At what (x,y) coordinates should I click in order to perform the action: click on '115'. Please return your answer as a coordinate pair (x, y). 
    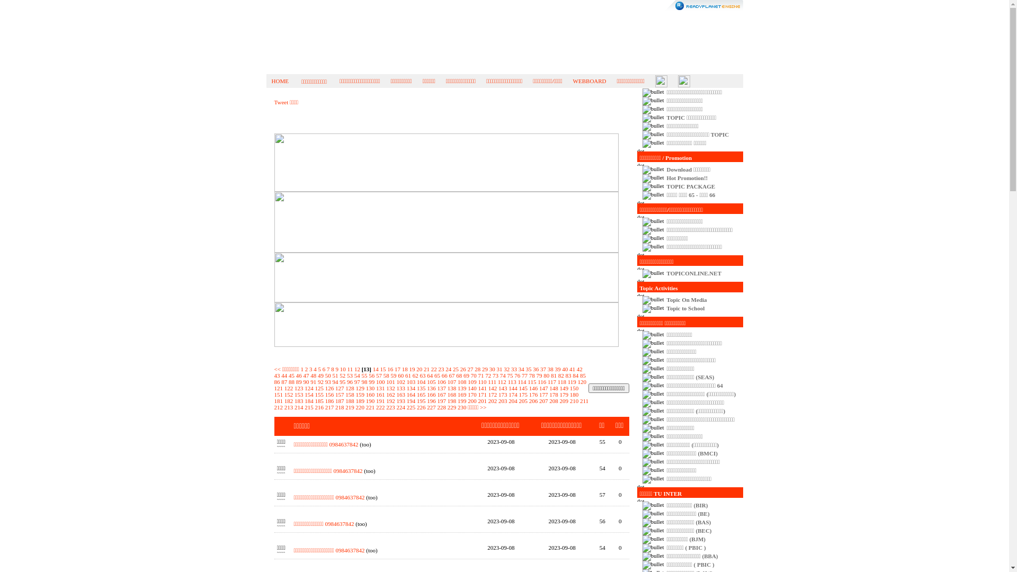
    Looking at the image, I should click on (531, 382).